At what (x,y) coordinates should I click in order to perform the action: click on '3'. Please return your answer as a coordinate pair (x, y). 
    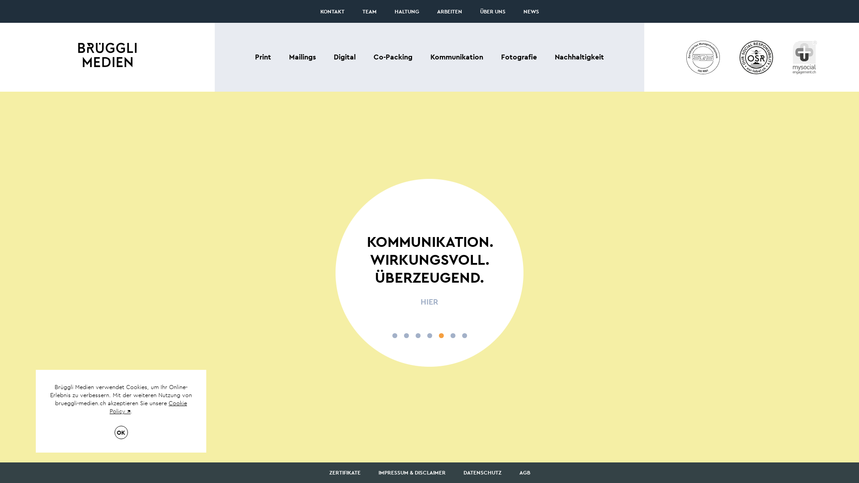
    Looking at the image, I should click on (417, 335).